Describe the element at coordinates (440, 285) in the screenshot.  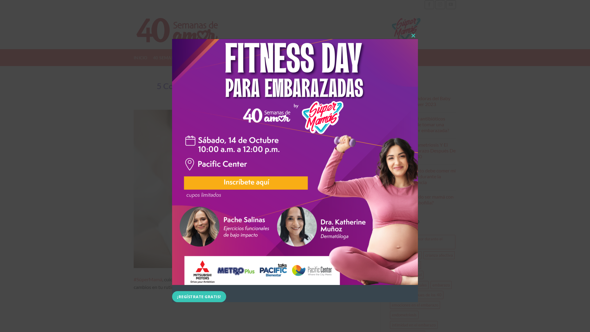
I see `'embarazo'` at that location.